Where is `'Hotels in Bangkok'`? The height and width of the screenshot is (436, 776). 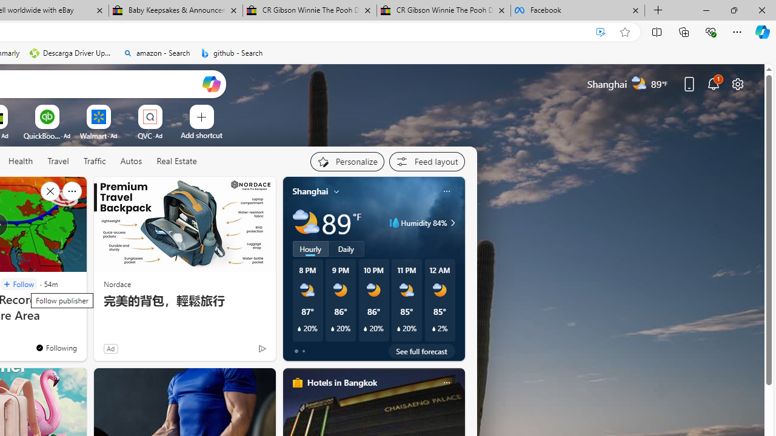
'Hotels in Bangkok' is located at coordinates (341, 382).